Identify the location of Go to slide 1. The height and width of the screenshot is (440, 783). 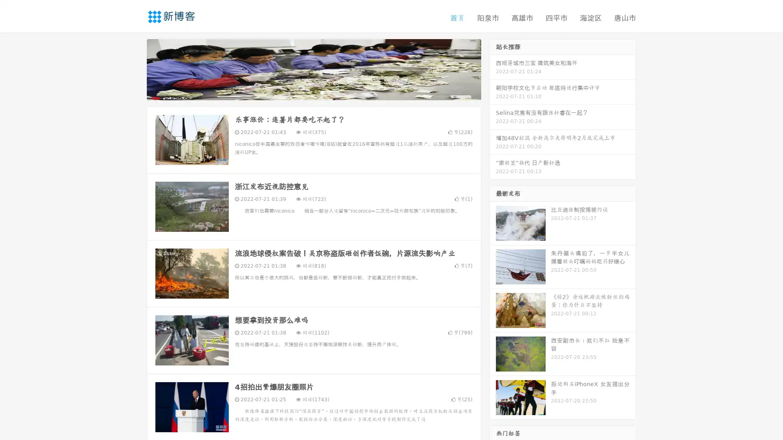
(305, 92).